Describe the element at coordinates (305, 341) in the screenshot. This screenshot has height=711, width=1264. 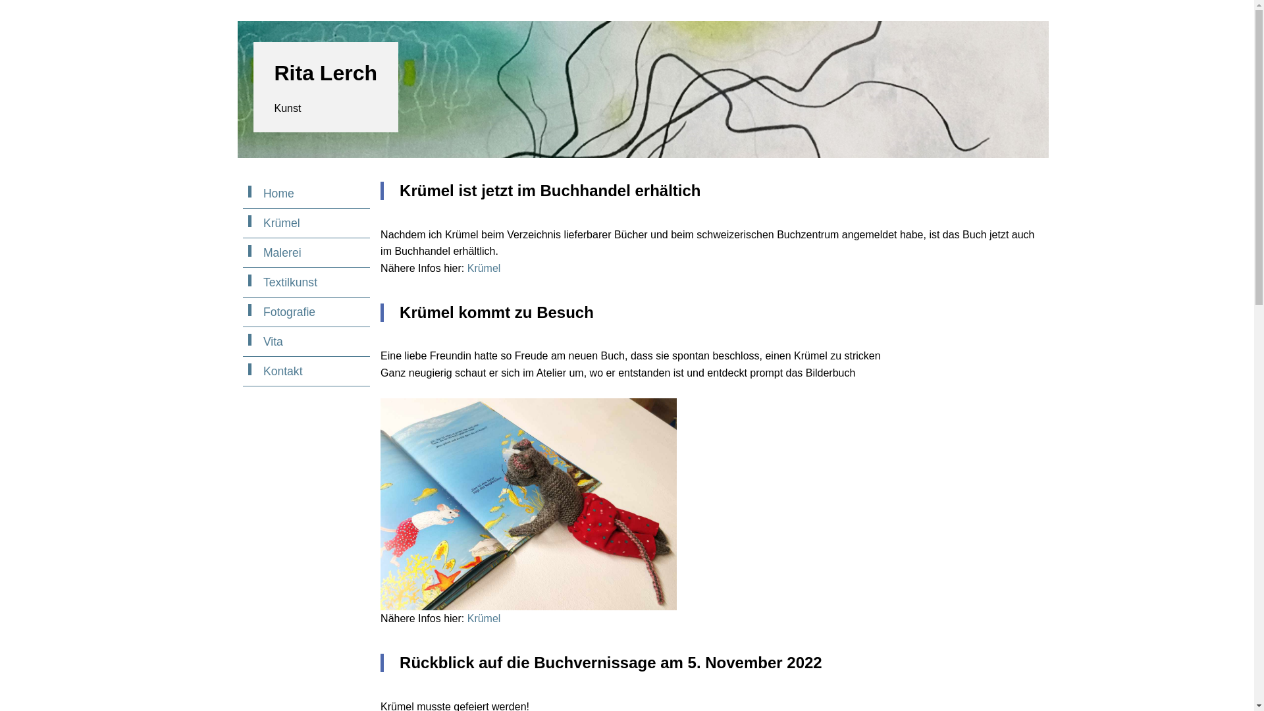
I see `'Vita'` at that location.